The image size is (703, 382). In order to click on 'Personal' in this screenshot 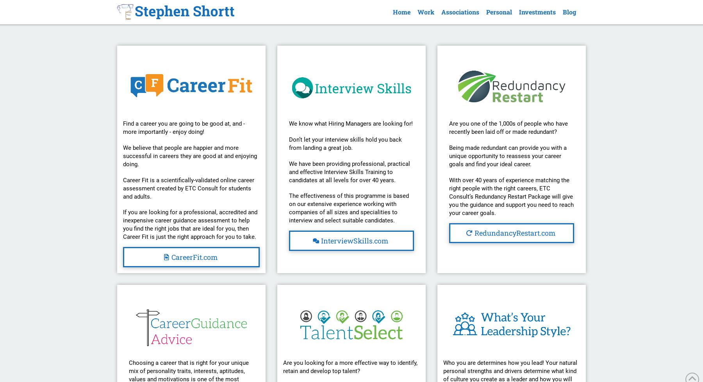, I will do `click(498, 12)`.